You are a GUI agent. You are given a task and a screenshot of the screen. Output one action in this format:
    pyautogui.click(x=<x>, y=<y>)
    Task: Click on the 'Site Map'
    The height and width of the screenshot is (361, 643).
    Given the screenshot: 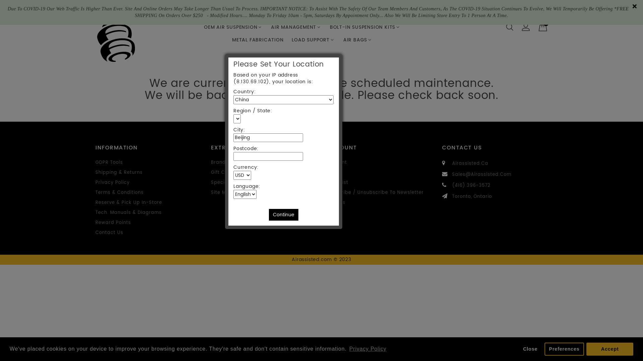 What is the action you would take?
    pyautogui.click(x=222, y=193)
    